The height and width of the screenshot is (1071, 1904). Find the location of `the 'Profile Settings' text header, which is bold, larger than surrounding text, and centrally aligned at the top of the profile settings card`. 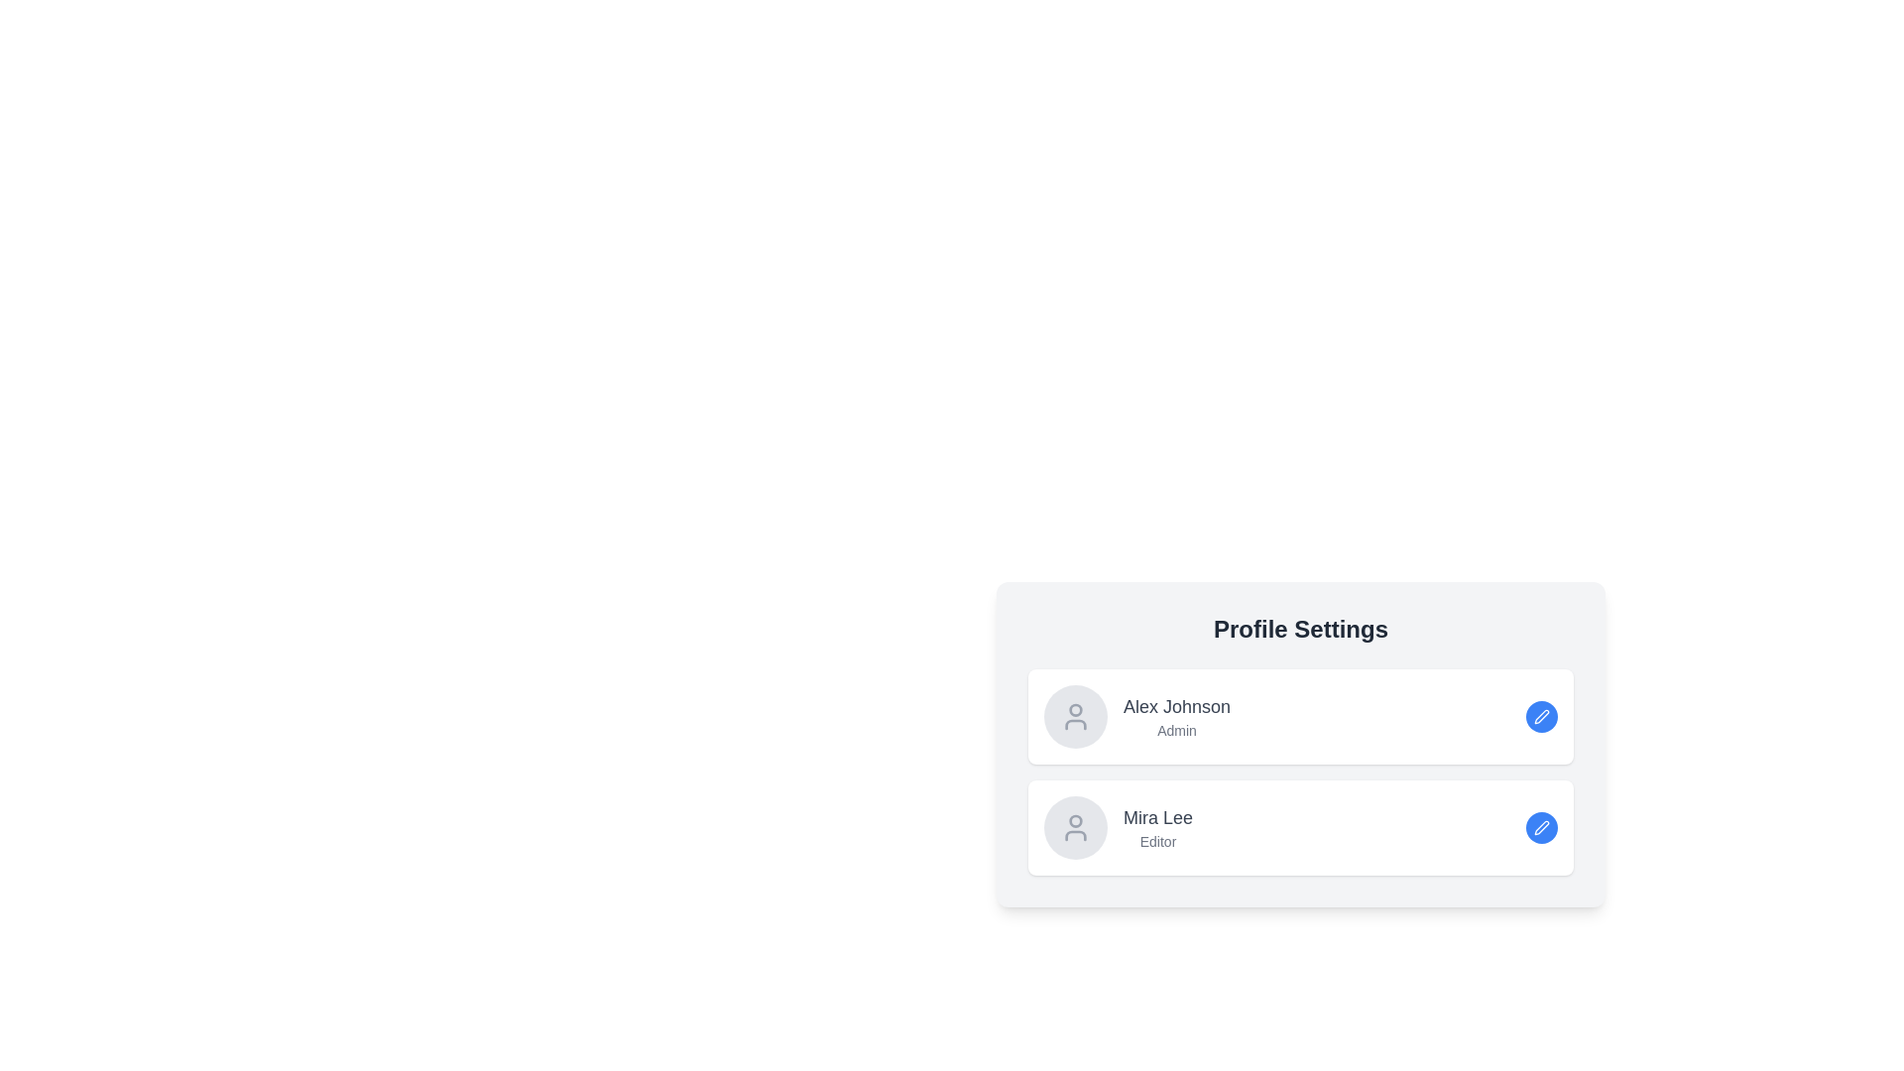

the 'Profile Settings' text header, which is bold, larger than surrounding text, and centrally aligned at the top of the profile settings card is located at coordinates (1300, 630).